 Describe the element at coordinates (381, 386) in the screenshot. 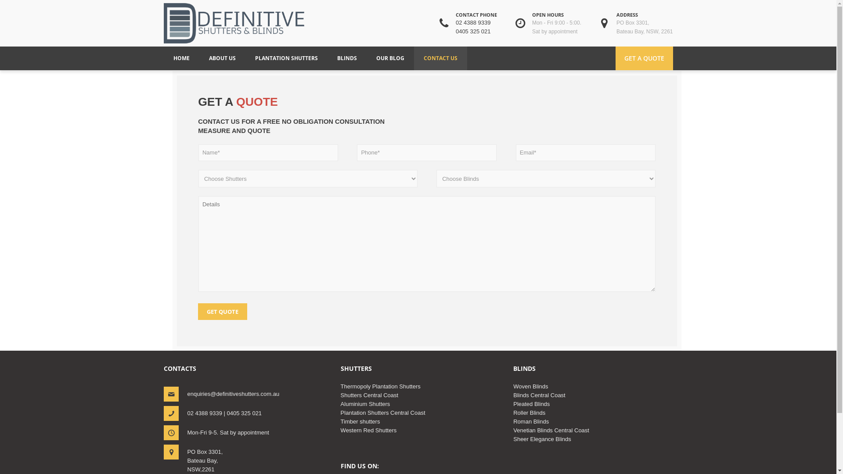

I see `'Thermopoly Plantation Shutters'` at that location.